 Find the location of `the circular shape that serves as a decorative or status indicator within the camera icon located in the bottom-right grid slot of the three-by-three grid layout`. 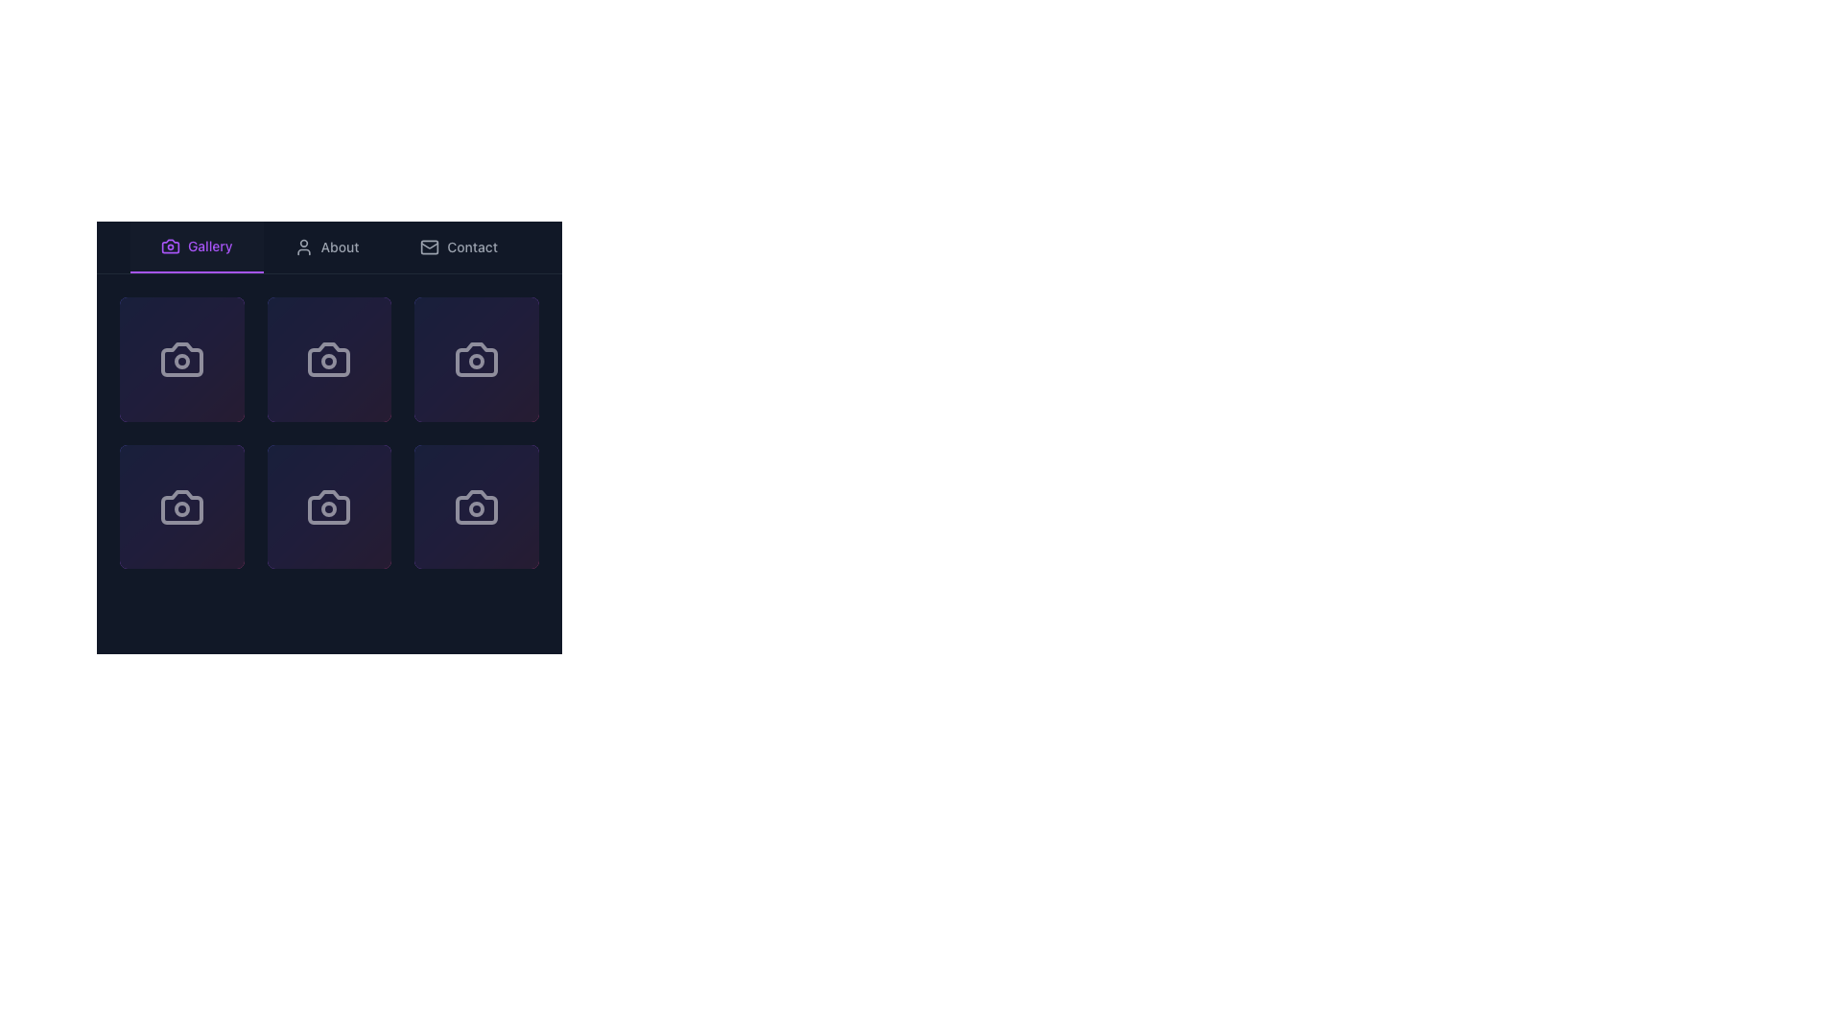

the circular shape that serves as a decorative or status indicator within the camera icon located in the bottom-right grid slot of the three-by-three grid layout is located at coordinates (477, 507).